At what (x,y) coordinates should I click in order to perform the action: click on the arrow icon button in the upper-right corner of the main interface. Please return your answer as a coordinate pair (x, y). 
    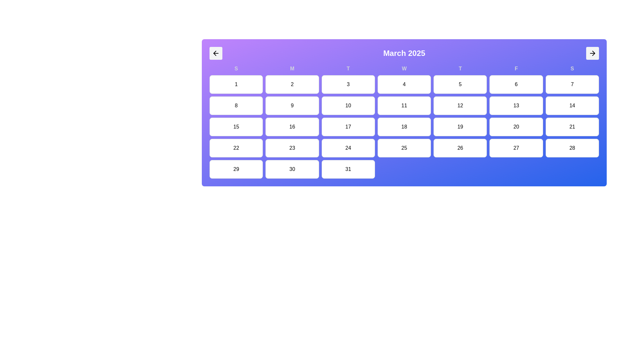
    Looking at the image, I should click on (592, 53).